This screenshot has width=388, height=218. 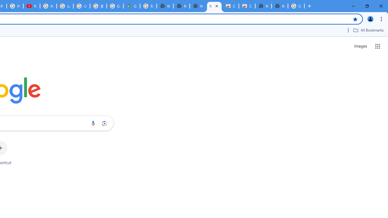 What do you see at coordinates (247, 6) in the screenshot?
I see `'Classic Blue - Chrome Web Store'` at bounding box center [247, 6].